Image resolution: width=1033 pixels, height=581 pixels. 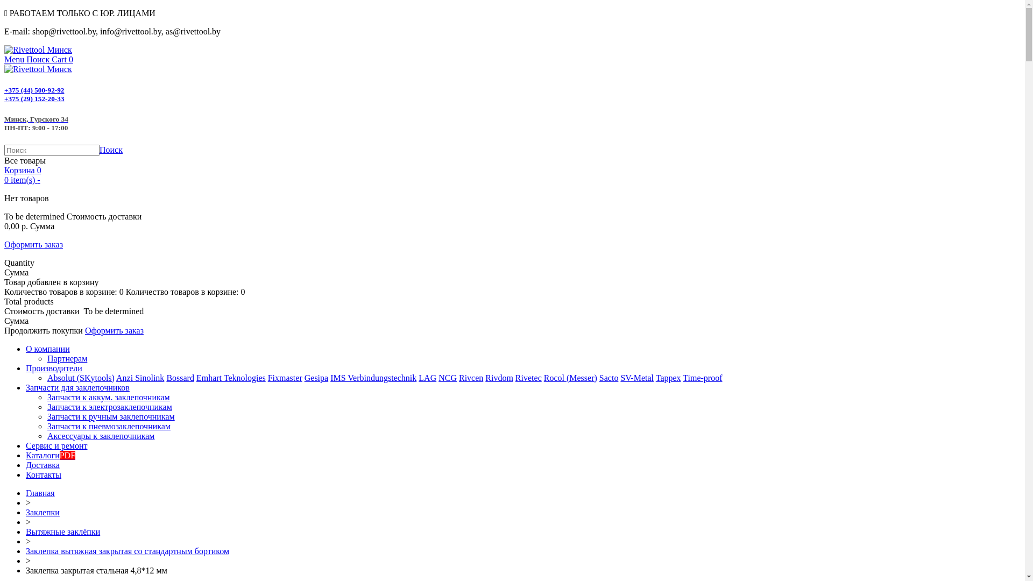 What do you see at coordinates (34, 98) in the screenshot?
I see `'+375 (29) 152-20-33'` at bounding box center [34, 98].